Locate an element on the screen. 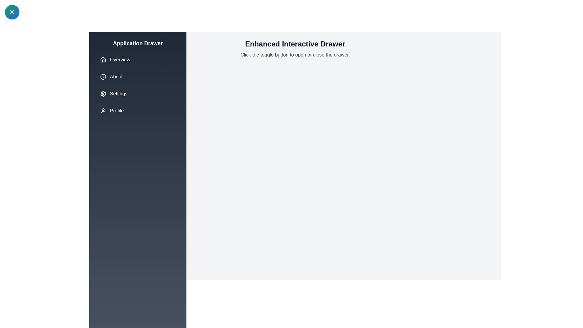  the section Settings in the drawer menu is located at coordinates (138, 94).